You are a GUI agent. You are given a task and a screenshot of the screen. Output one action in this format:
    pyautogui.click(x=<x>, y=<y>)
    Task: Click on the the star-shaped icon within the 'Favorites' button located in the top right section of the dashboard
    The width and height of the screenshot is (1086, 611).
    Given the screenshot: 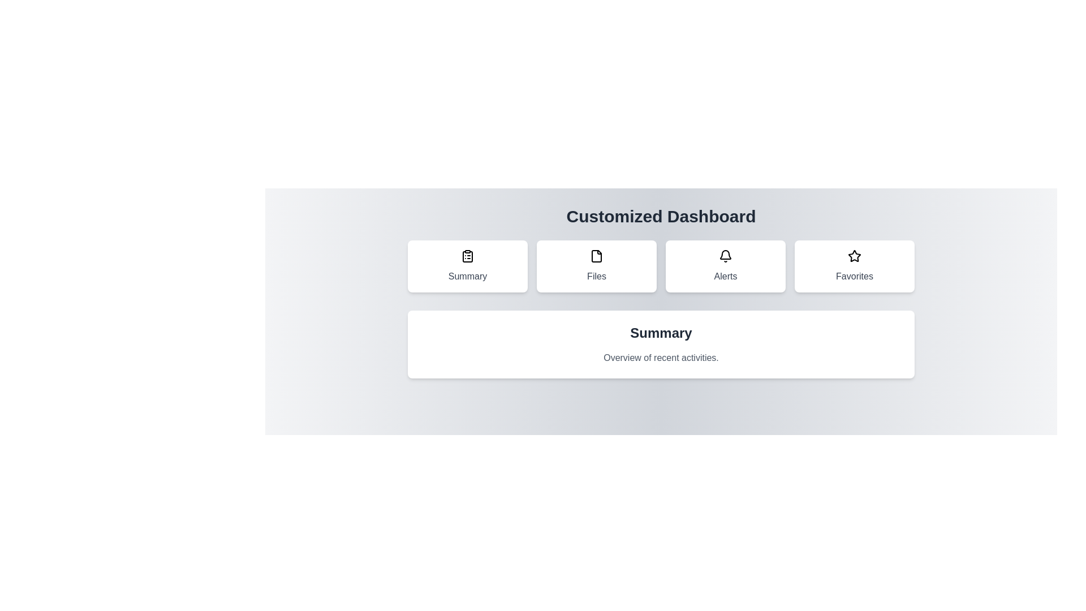 What is the action you would take?
    pyautogui.click(x=854, y=255)
    